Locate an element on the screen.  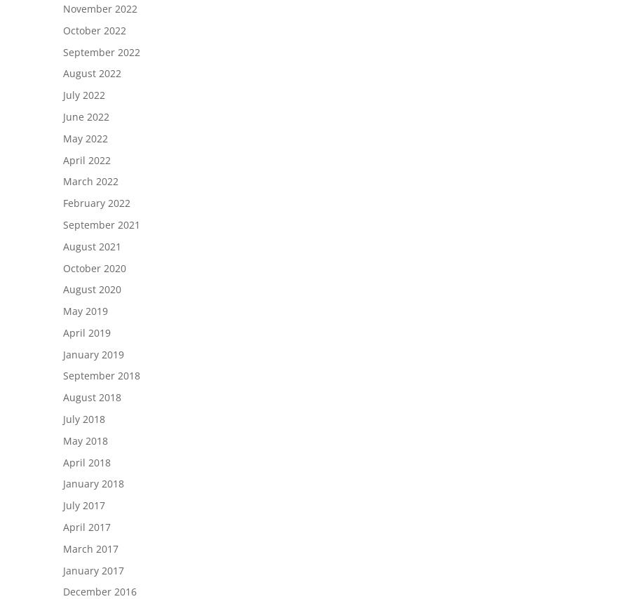
'October 2020' is located at coordinates (95, 267).